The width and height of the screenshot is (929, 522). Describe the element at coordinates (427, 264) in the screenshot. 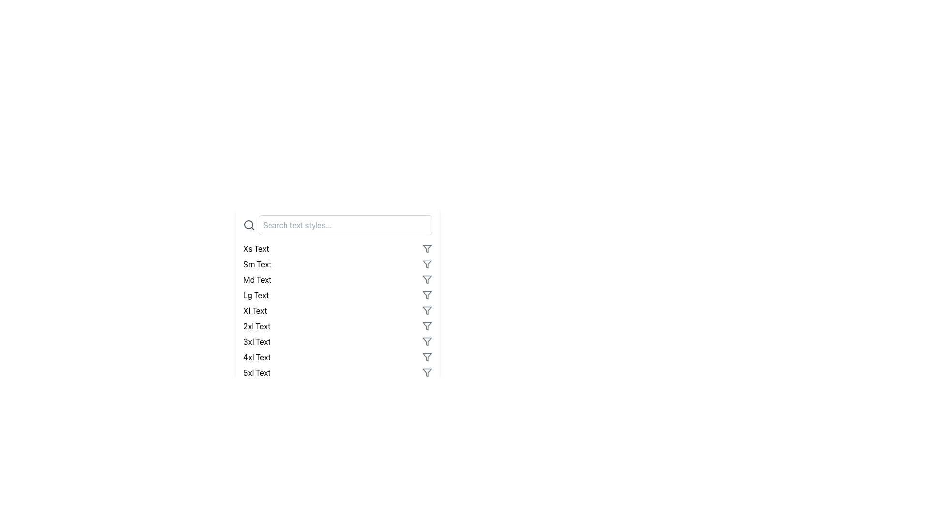

I see `the small, minimalistic filter icon styled as an inverted triangle, located directly adjacent to the text 'Sm Text'` at that location.